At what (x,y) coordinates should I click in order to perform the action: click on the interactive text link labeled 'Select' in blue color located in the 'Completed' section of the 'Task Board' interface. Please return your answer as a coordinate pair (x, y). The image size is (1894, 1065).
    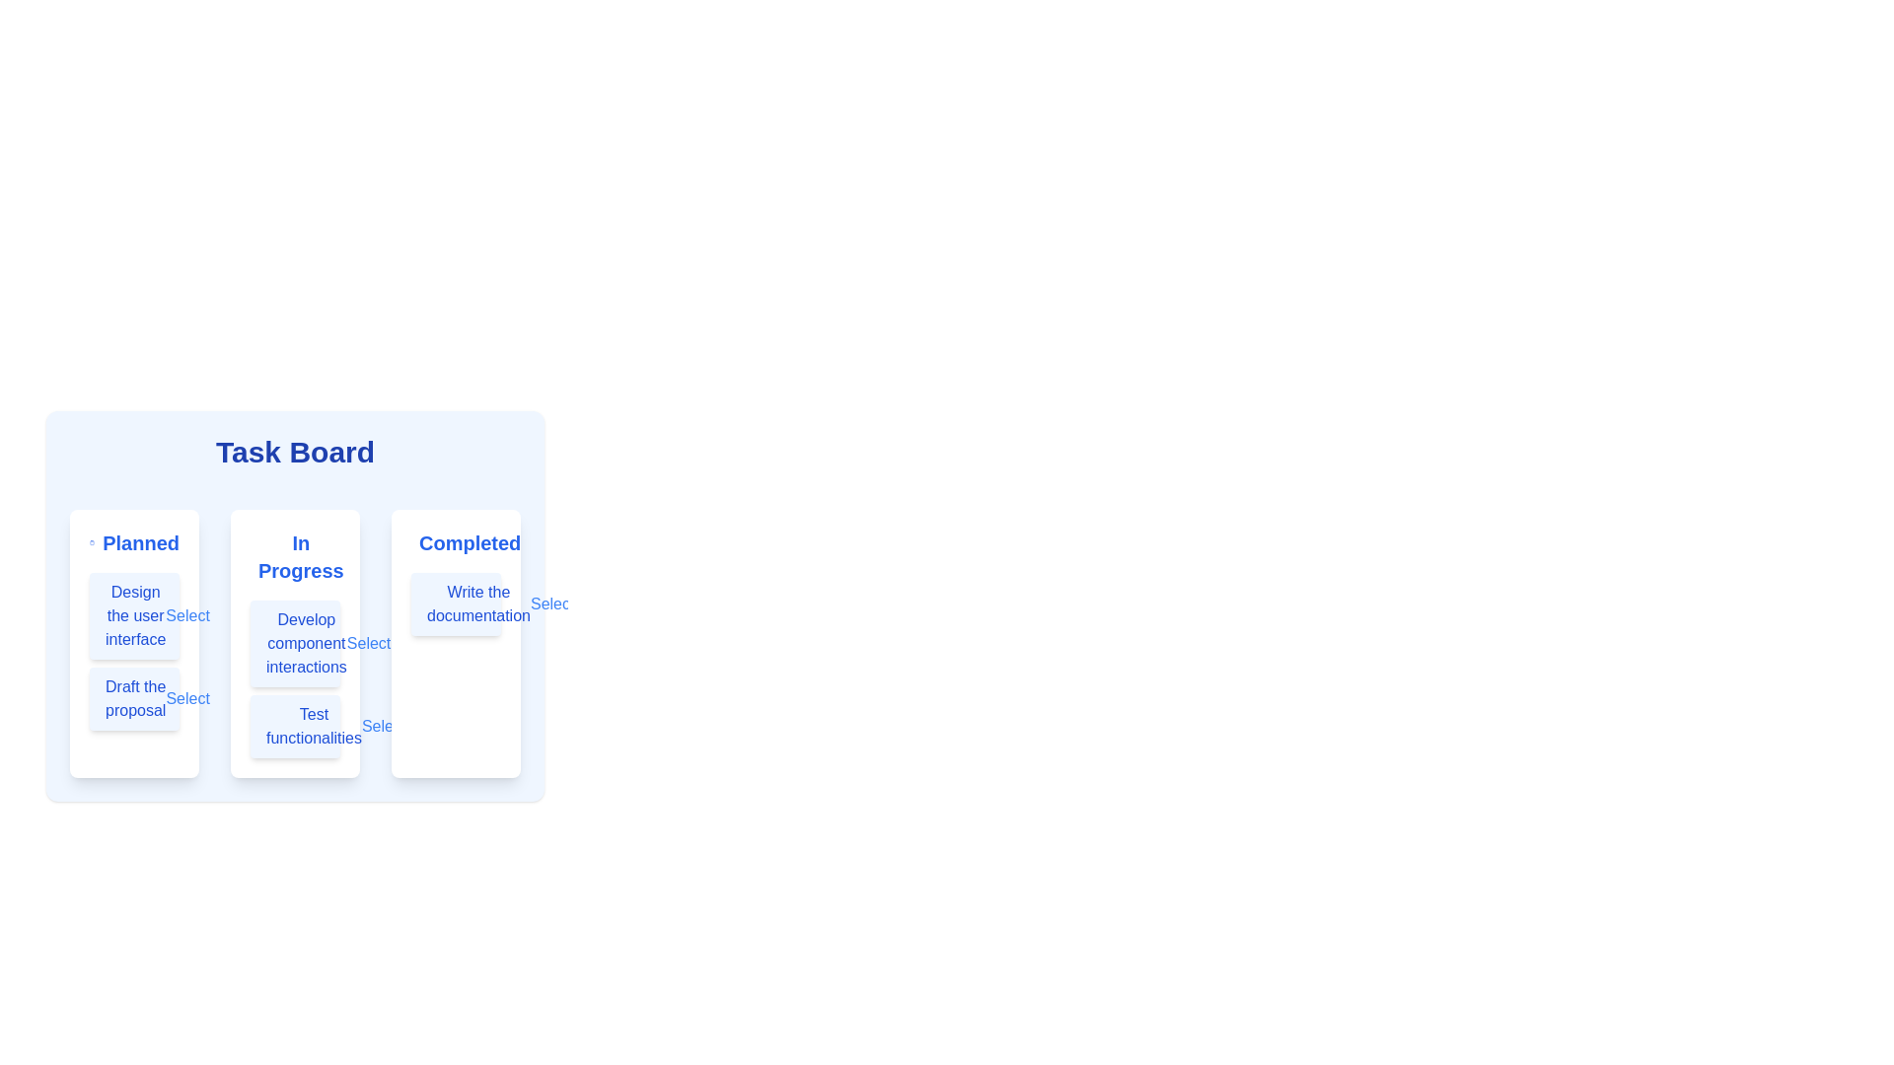
    Looking at the image, I should click on (552, 603).